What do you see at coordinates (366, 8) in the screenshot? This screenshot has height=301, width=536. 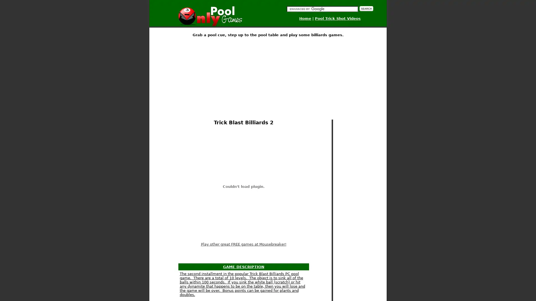 I see `Submit` at bounding box center [366, 8].